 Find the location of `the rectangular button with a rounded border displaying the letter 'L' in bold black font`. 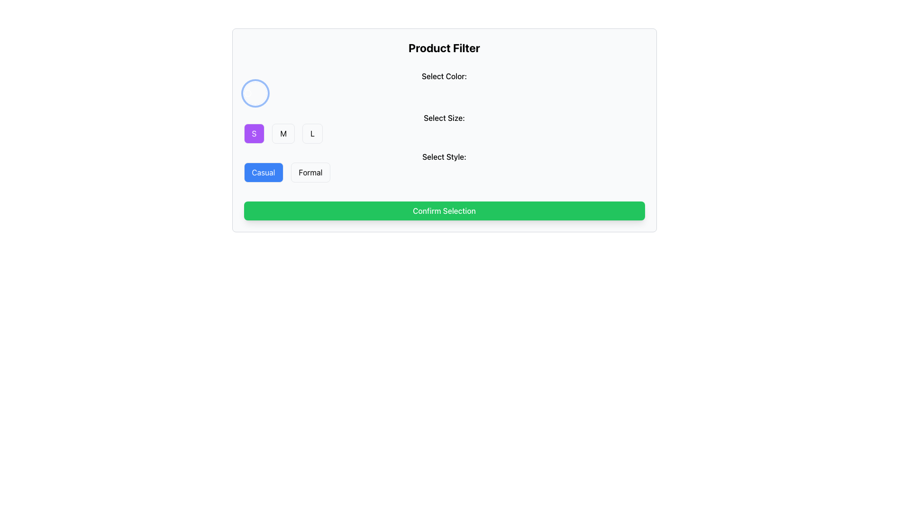

the rectangular button with a rounded border displaying the letter 'L' in bold black font is located at coordinates (312, 133).